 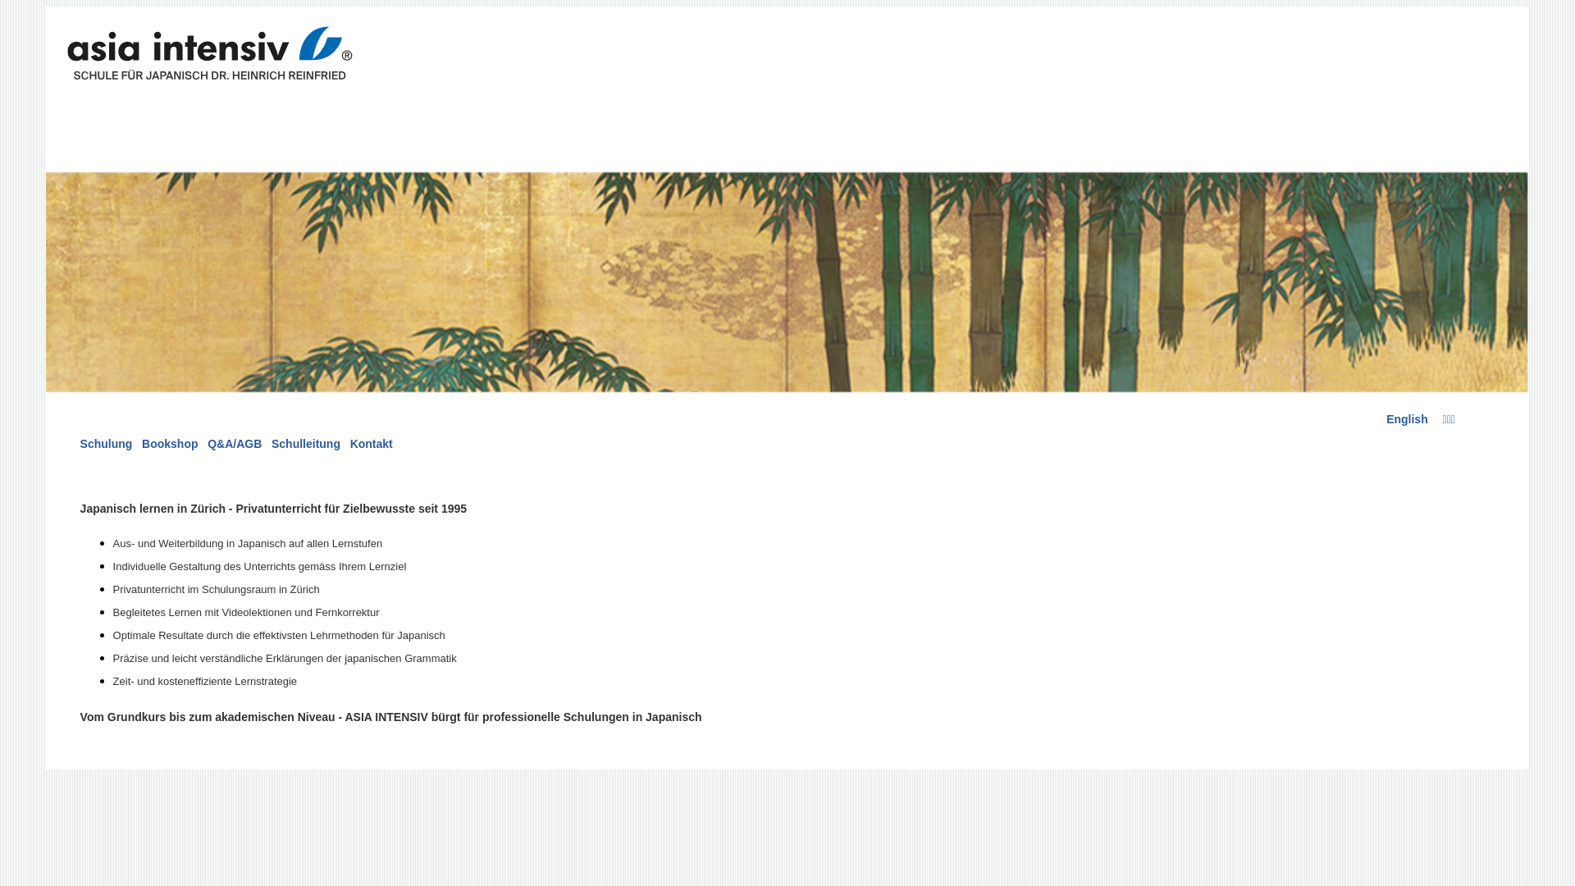 I want to click on 'Q&A/AGB', so click(x=234, y=443).